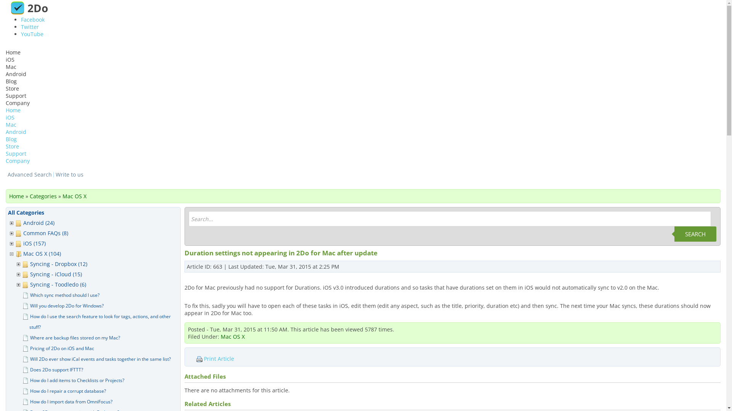  I want to click on 'Mac', so click(5, 66).